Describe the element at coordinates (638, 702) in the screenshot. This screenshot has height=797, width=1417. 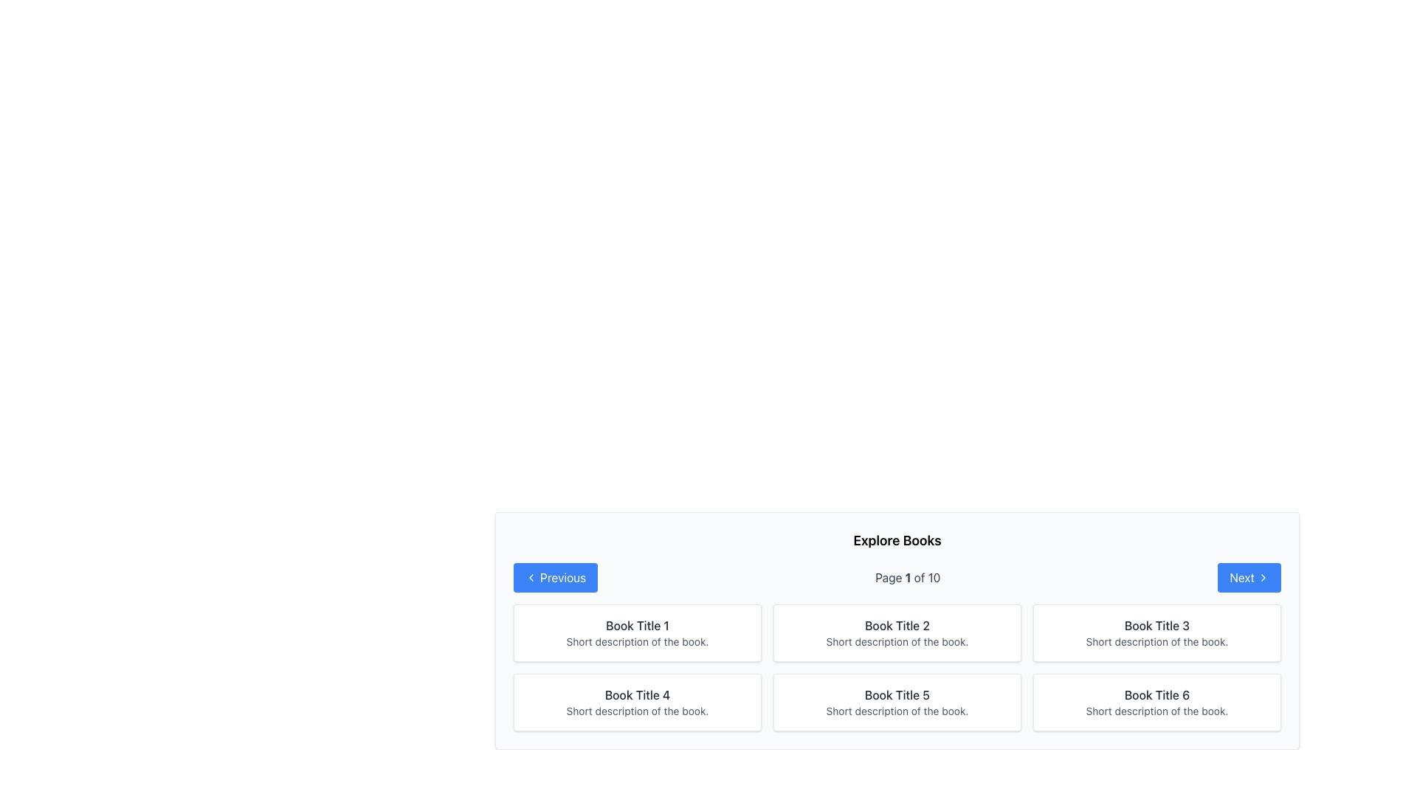
I see `the Card component displaying a book preview located in the fourth column of the second row of the grid layout, positioned below the 'Explore Books' header` at that location.